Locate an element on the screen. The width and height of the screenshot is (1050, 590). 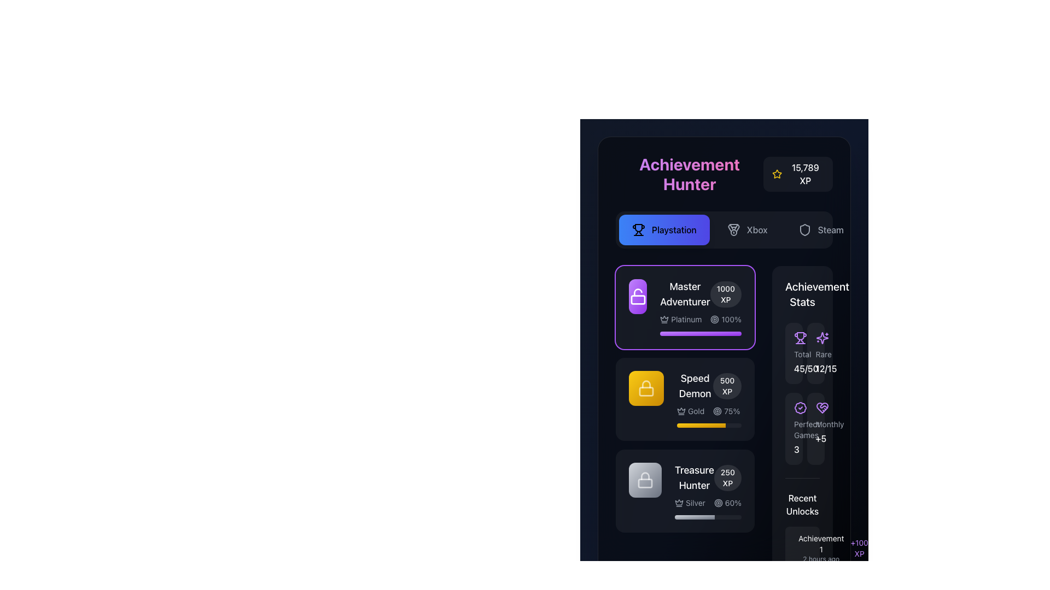
the rounded square button with a gradient background and a white lock icon located in the 'Master Adventurer' section of the interface is located at coordinates (638, 297).